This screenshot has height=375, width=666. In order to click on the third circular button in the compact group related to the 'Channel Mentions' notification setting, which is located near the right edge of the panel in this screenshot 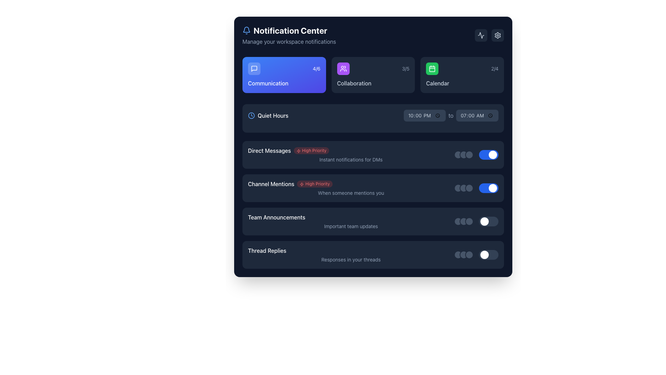, I will do `click(469, 188)`.